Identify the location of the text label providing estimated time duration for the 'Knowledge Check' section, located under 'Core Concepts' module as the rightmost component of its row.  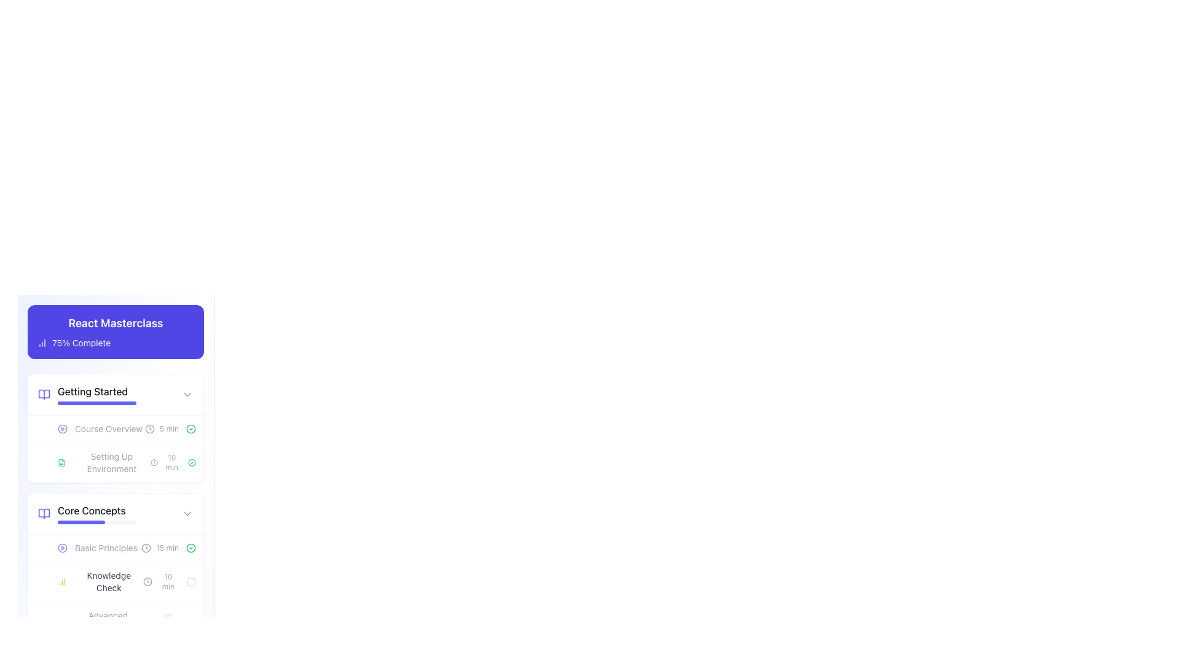
(167, 581).